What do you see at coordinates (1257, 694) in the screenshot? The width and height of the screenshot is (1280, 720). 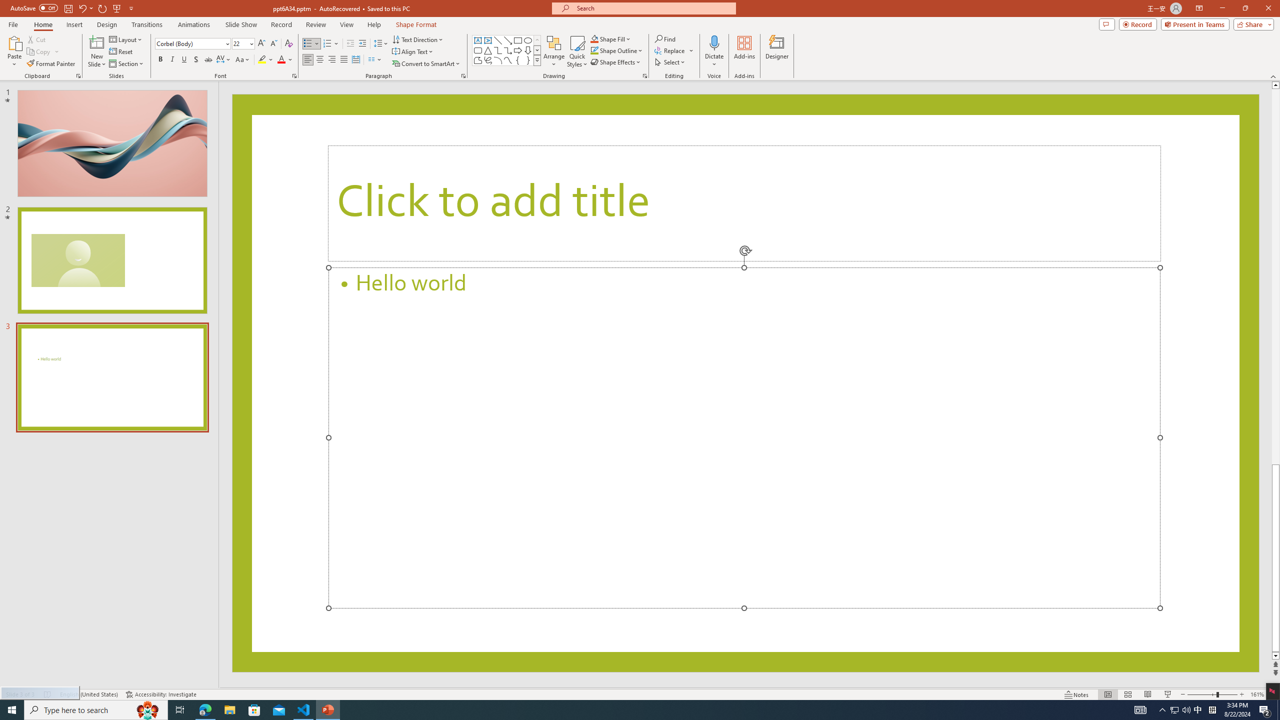 I see `'Zoom 161%'` at bounding box center [1257, 694].